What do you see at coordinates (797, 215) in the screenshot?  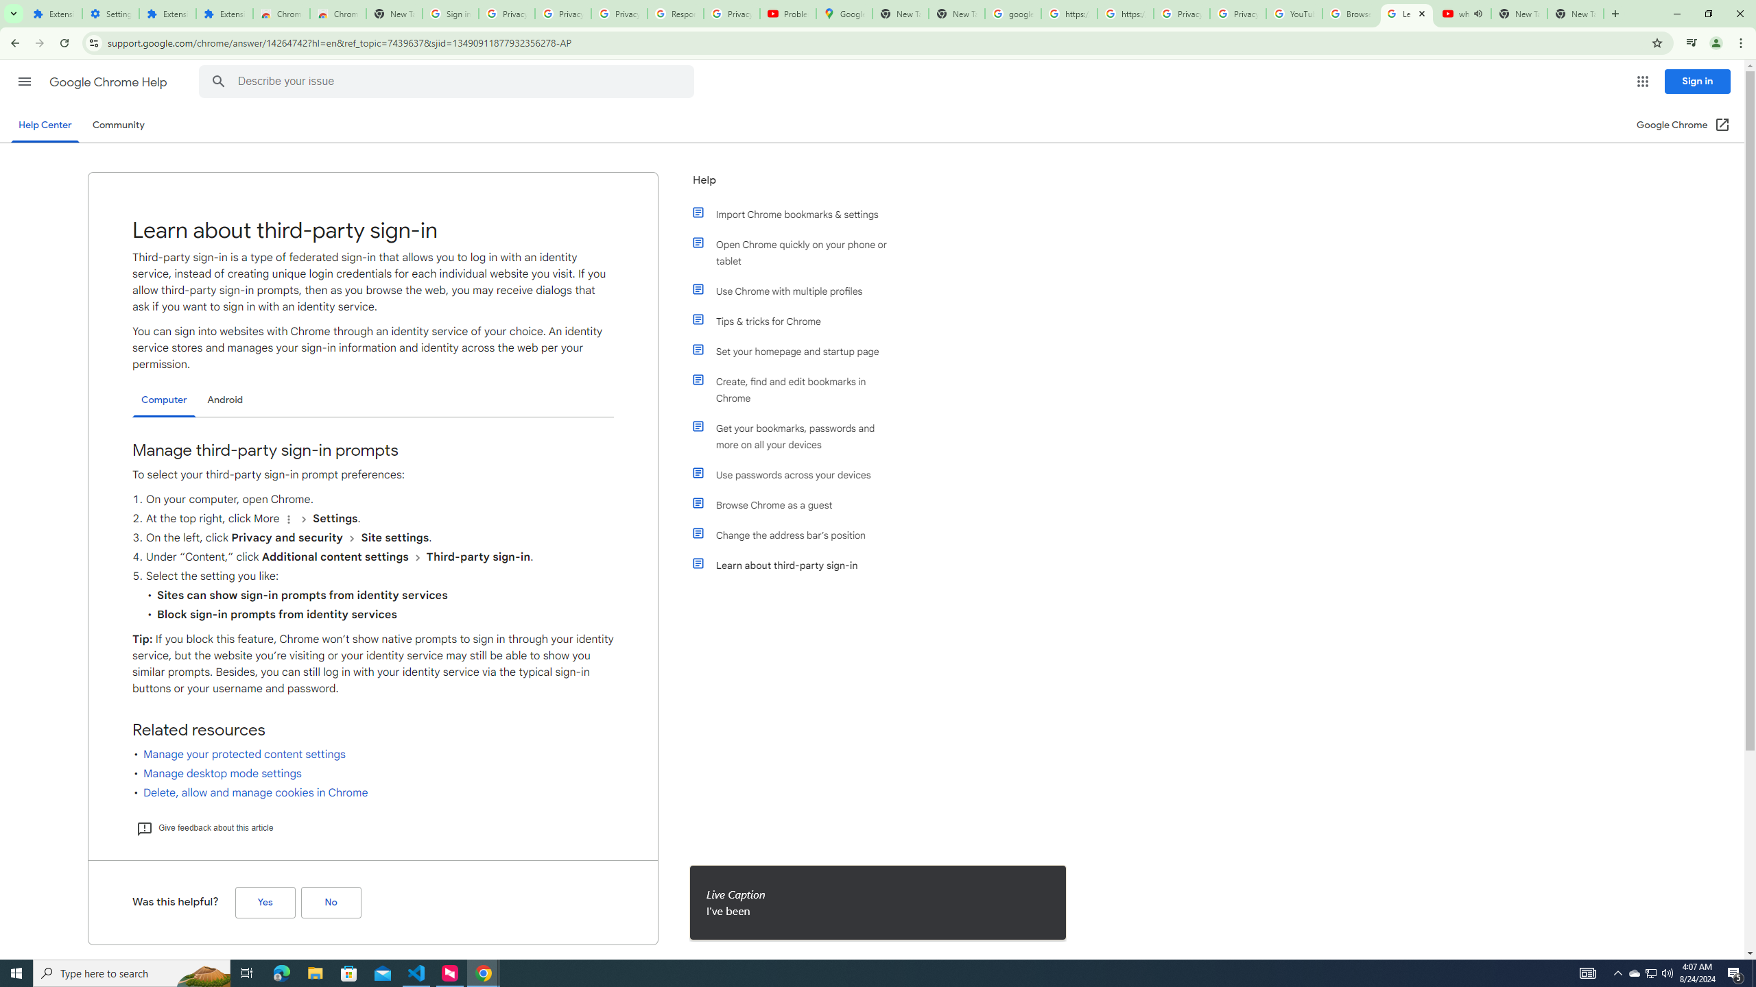 I see `'Import Chrome bookmarks & settings'` at bounding box center [797, 215].